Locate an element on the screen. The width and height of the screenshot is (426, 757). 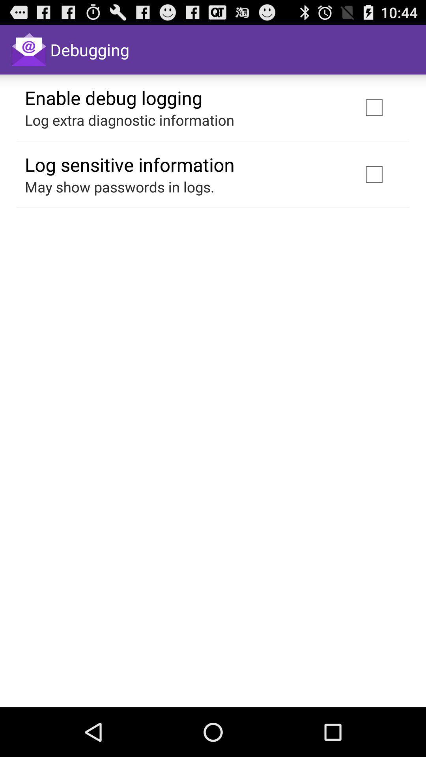
item above log extra diagnostic item is located at coordinates (114, 97).